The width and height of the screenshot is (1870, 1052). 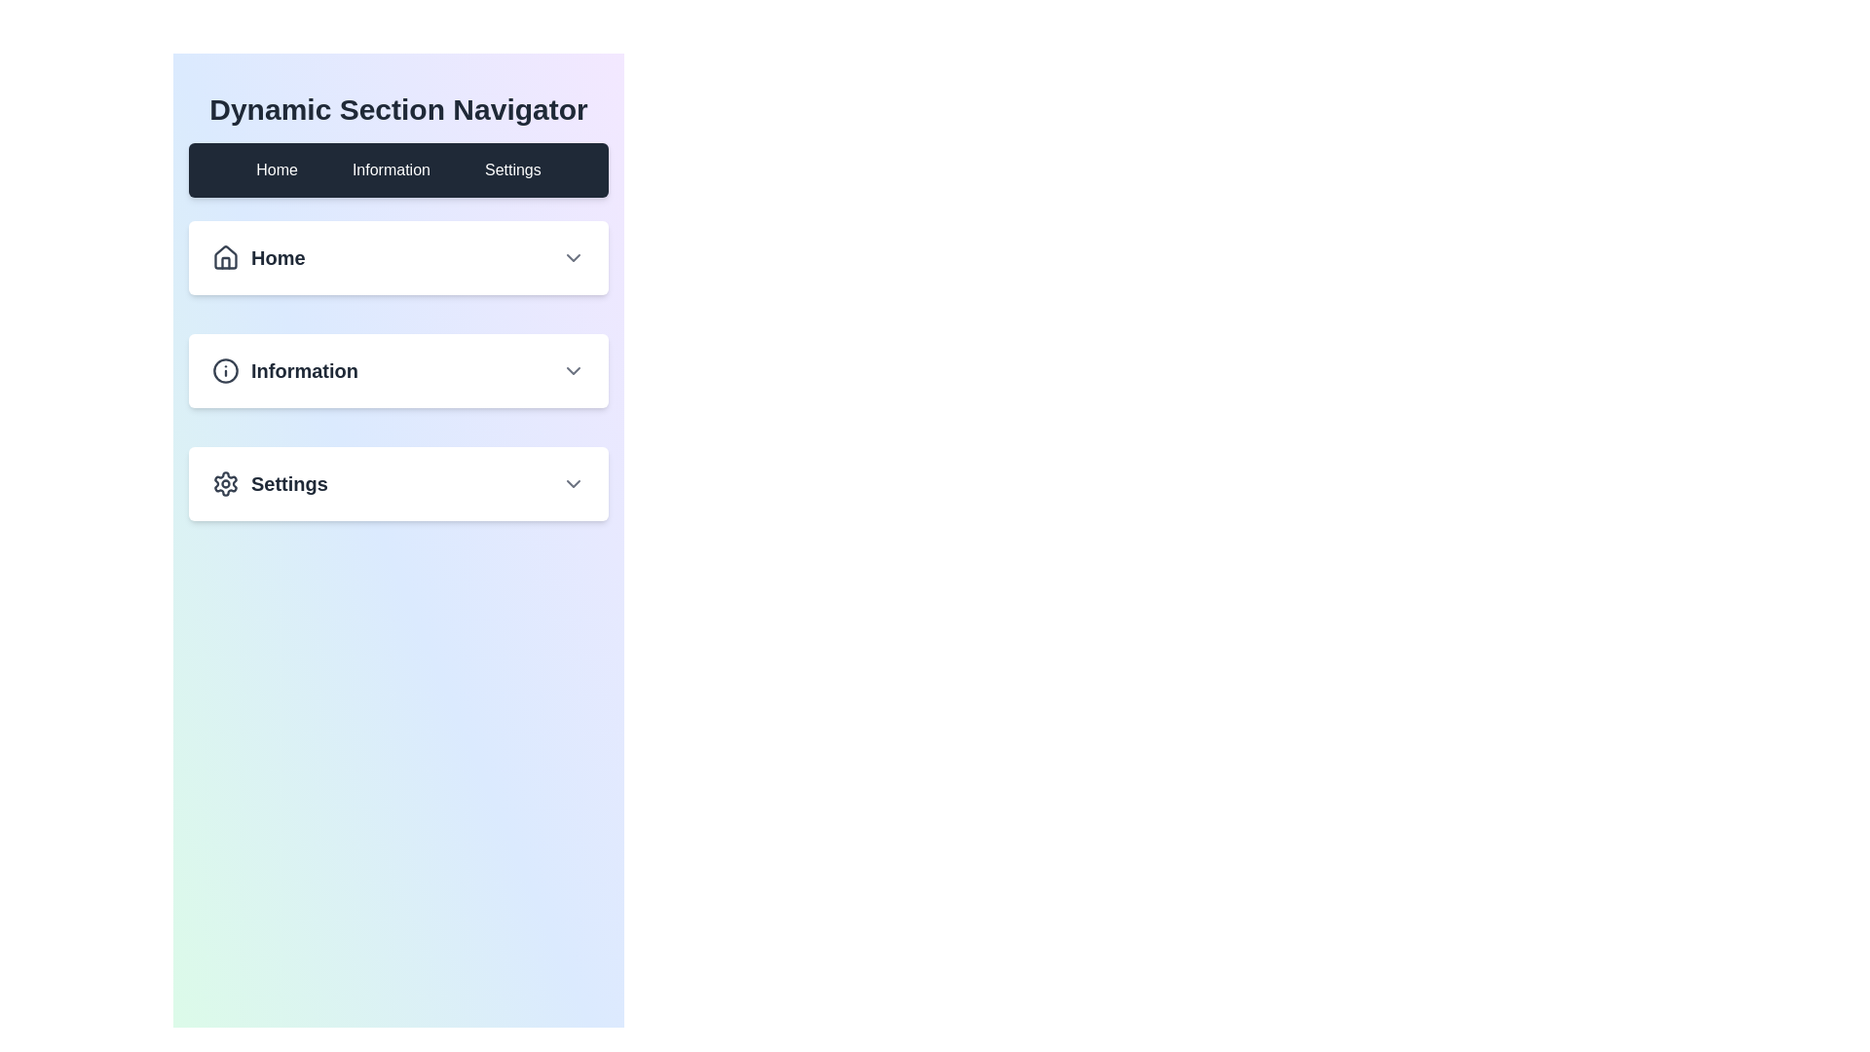 What do you see at coordinates (573, 257) in the screenshot?
I see `the downward-facing gray chevron icon located to the right of the 'Home' text within the 'Home' section` at bounding box center [573, 257].